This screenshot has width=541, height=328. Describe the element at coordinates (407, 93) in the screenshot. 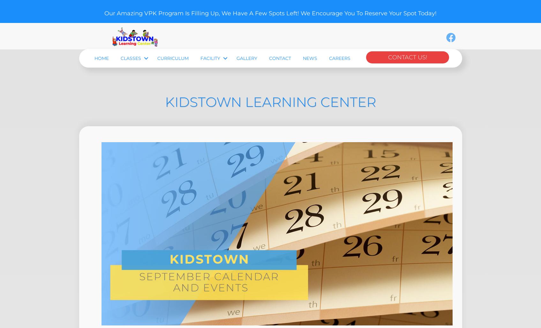

I see `'Contact Us!'` at that location.